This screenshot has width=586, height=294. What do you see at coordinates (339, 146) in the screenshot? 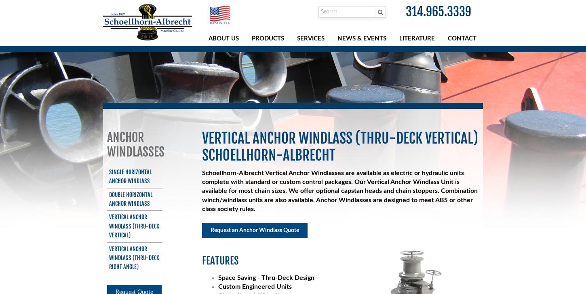
I see `'VERTICAL ANCHOR WINDLASS (THRU-DECK VERTICAL) Schoellhorn-Albrecht'` at bounding box center [339, 146].